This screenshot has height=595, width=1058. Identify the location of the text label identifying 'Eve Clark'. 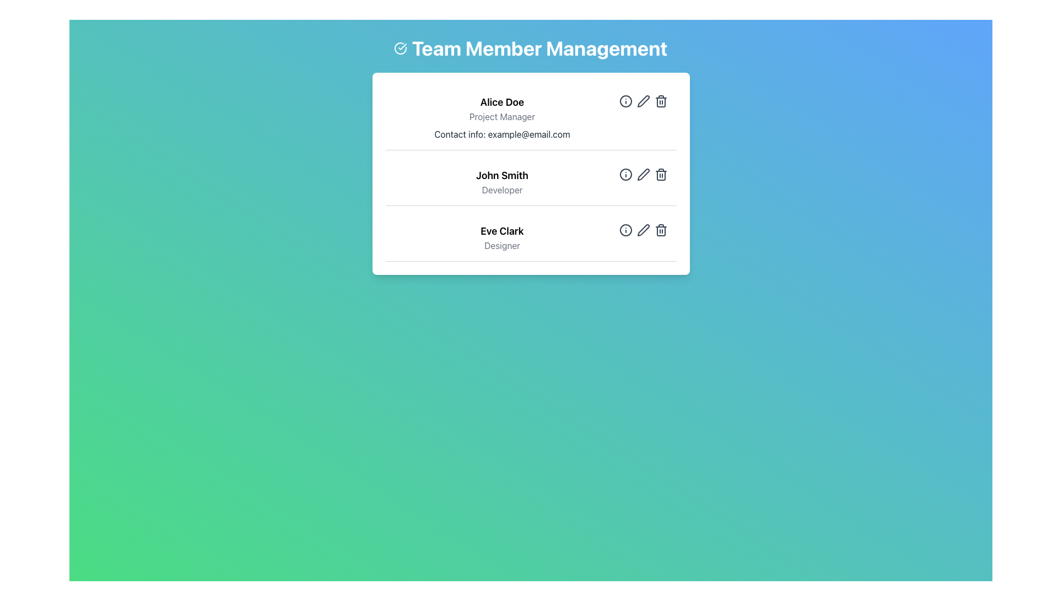
(501, 231).